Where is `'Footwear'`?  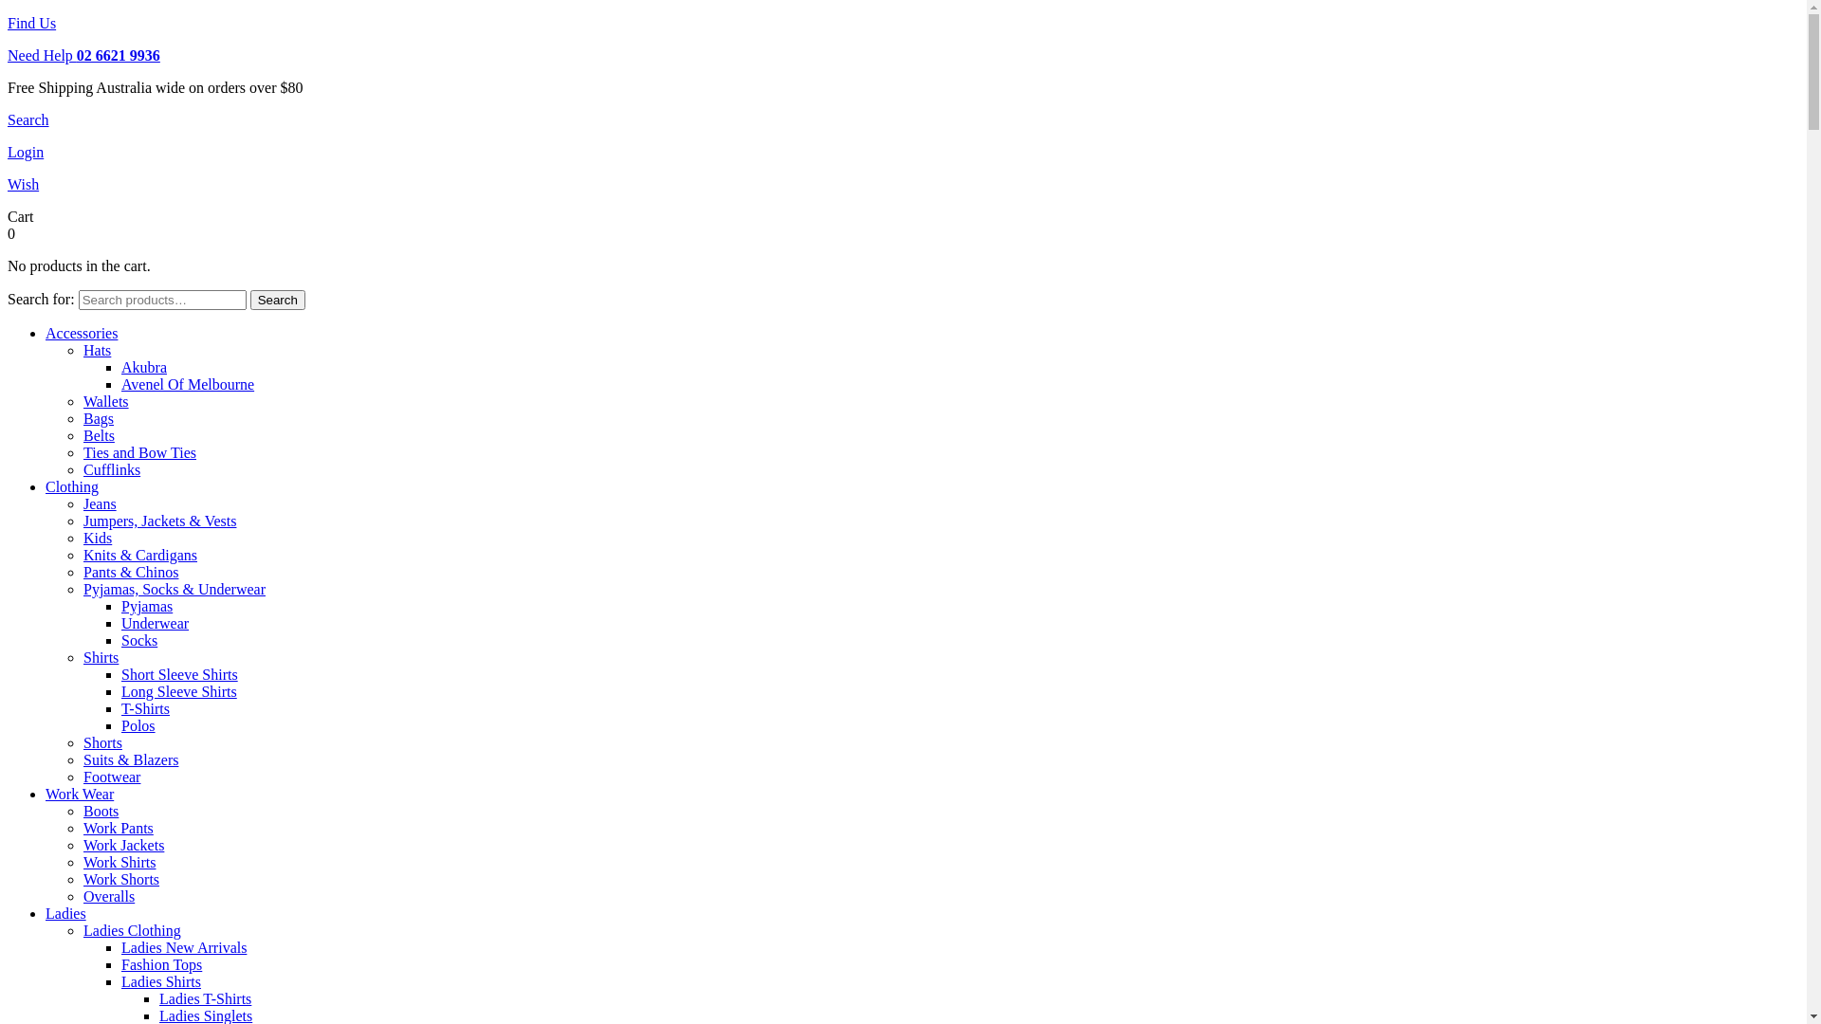
'Footwear' is located at coordinates (82, 777).